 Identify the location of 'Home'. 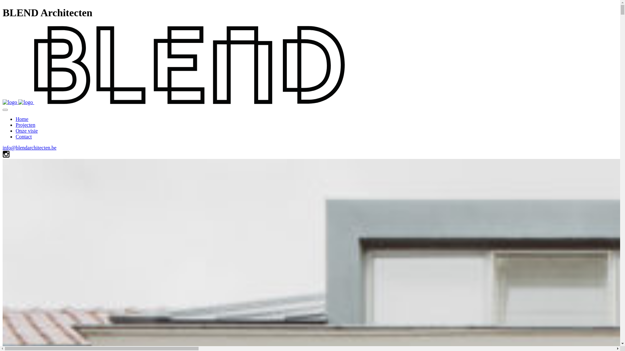
(22, 119).